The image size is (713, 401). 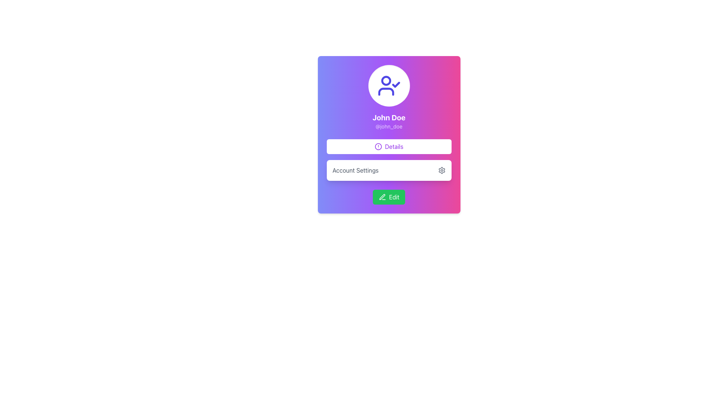 I want to click on the user's profile image placeholder or avatar component located at the center top of the user card, so click(x=388, y=85).